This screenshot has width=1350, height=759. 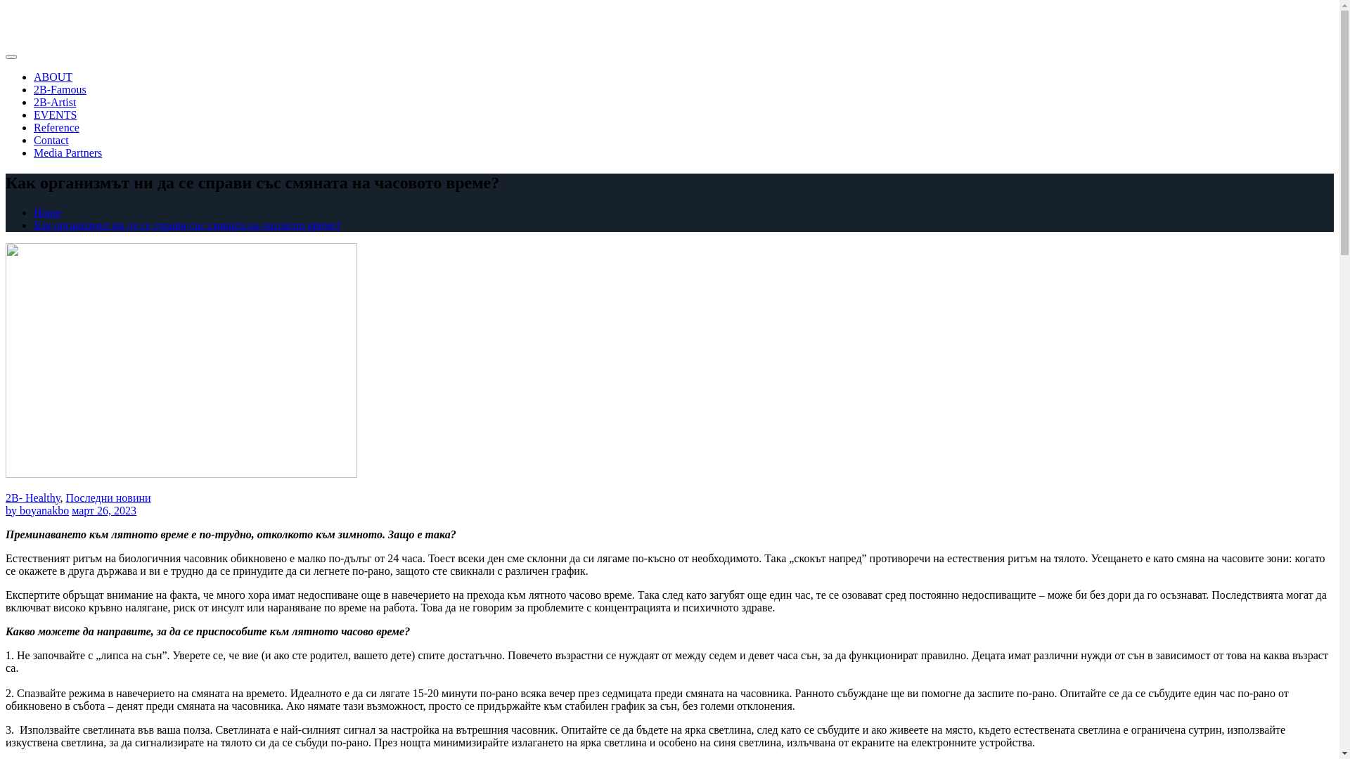 I want to click on 'by boyanakbo', so click(x=37, y=510).